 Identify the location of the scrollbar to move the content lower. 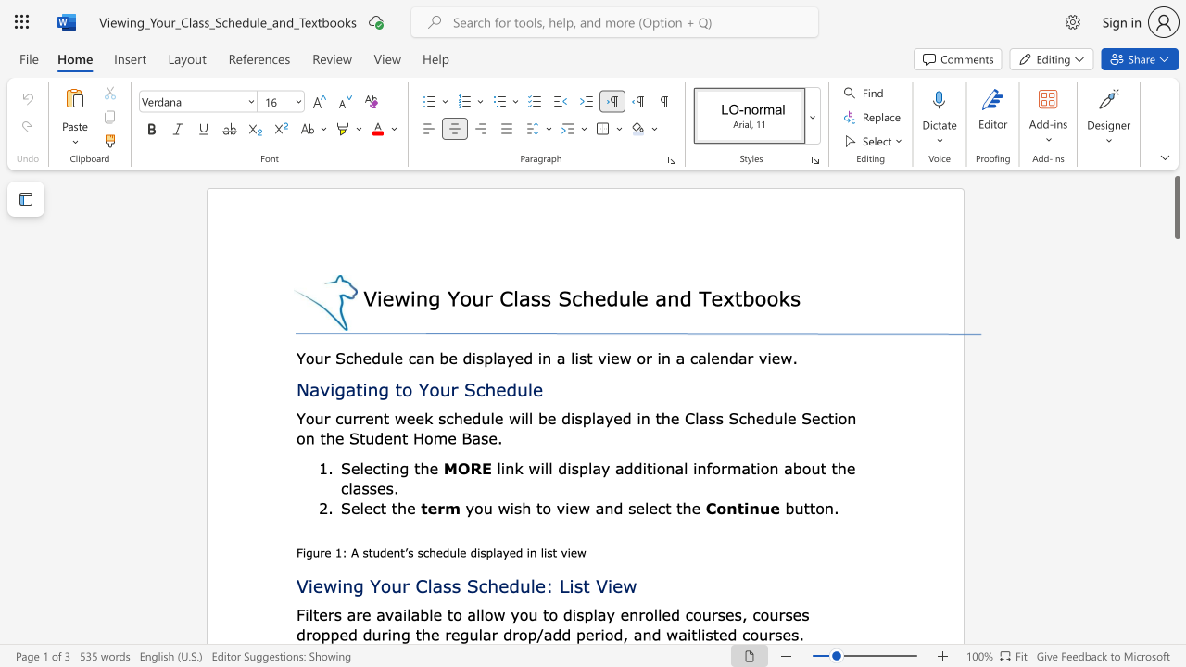
(1176, 295).